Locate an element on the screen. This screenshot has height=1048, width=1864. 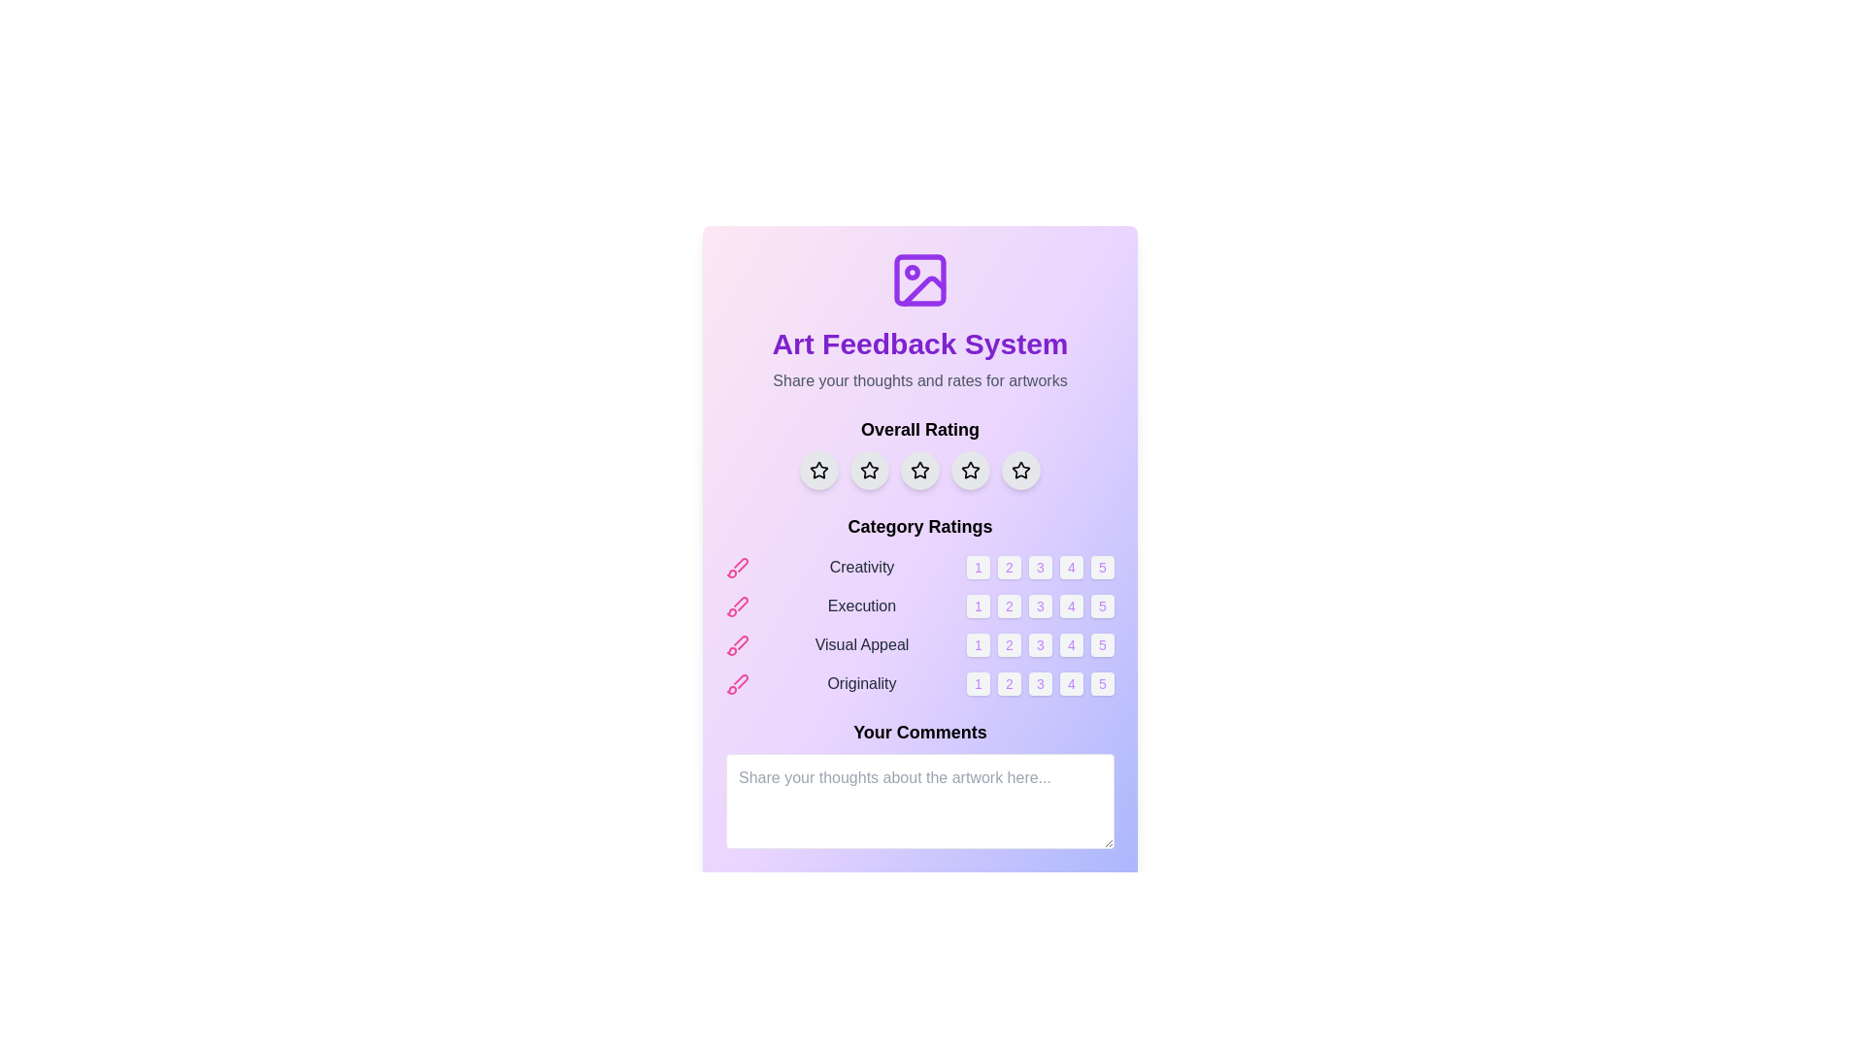
the button that allows users is located at coordinates (1071, 683).